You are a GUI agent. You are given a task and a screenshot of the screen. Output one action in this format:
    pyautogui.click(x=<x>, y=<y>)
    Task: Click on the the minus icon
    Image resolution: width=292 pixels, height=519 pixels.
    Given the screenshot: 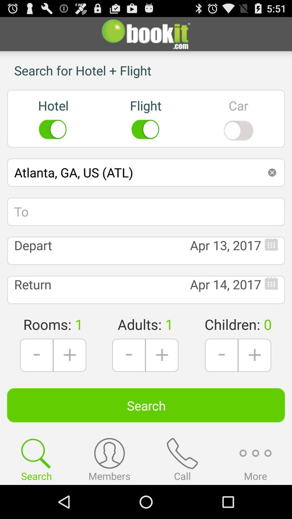 What is the action you would take?
    pyautogui.click(x=221, y=380)
    